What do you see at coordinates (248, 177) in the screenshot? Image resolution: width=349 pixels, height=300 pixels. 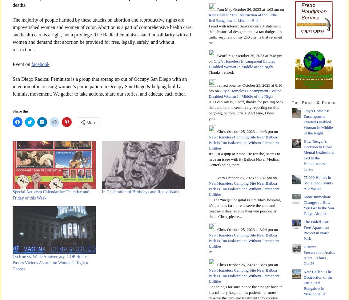 I see `'October 25, 2023 at 3:37 pm'` at bounding box center [248, 177].